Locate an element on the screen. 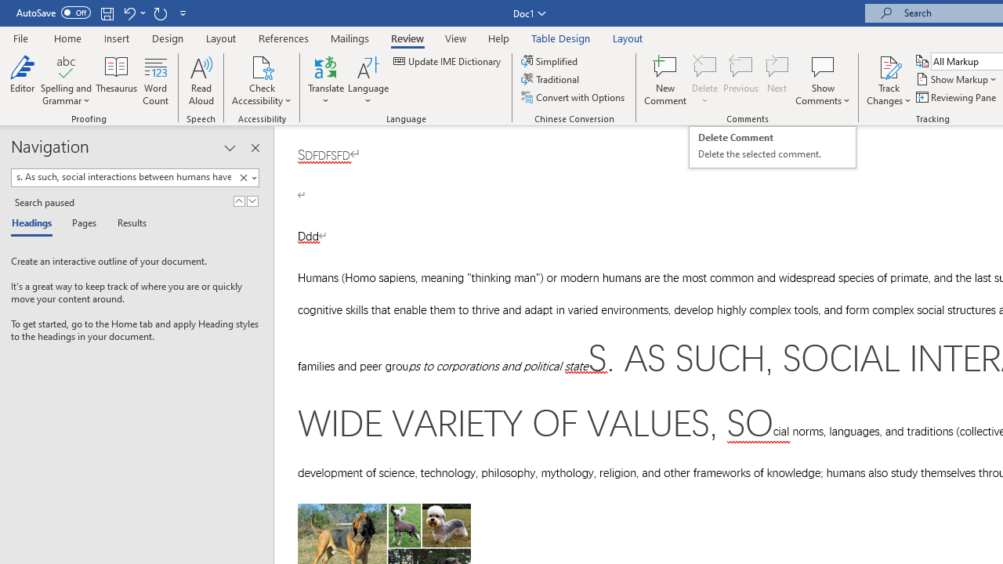 The width and height of the screenshot is (1003, 564). 'Word Count' is located at coordinates (156, 81).